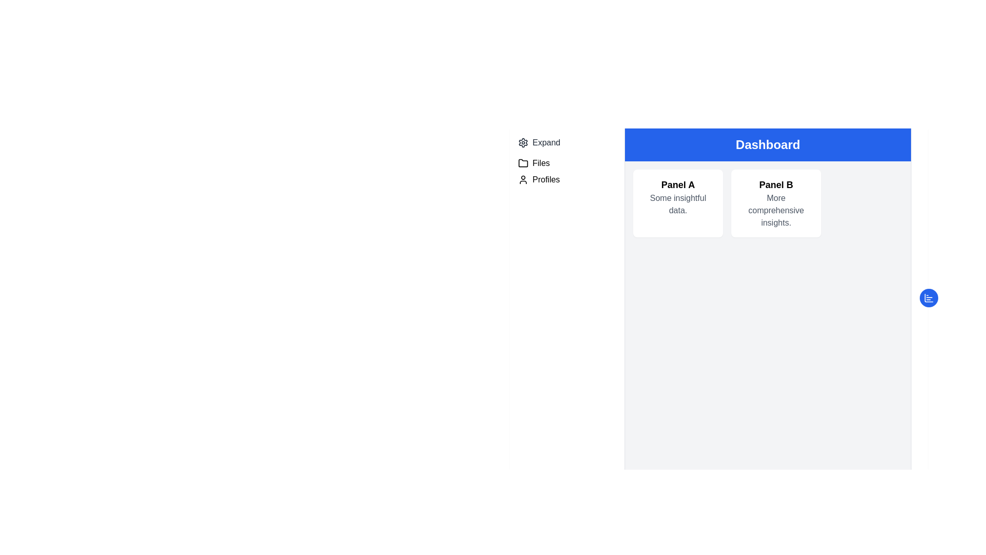 The image size is (986, 555). What do you see at coordinates (523, 142) in the screenshot?
I see `the cogwheel icon in the sidebar, which represents settings, located near the top of the vertical sidebar` at bounding box center [523, 142].